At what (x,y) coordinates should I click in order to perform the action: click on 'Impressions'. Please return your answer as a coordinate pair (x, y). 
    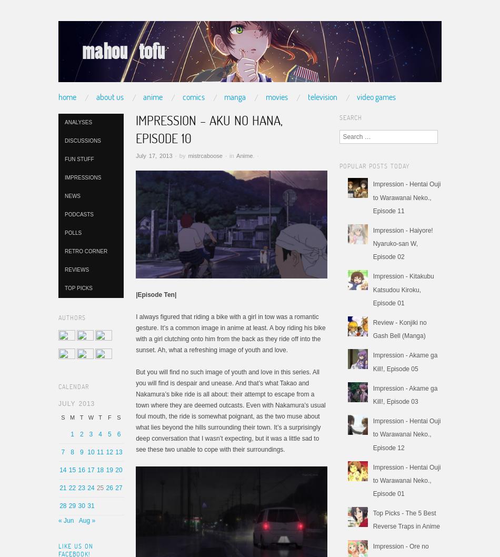
    Looking at the image, I should click on (83, 177).